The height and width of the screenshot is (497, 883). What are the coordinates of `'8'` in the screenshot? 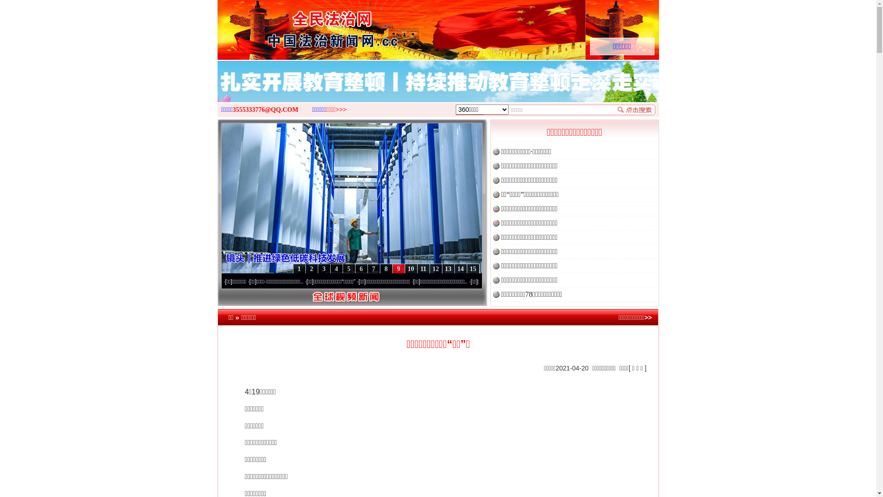 It's located at (386, 269).